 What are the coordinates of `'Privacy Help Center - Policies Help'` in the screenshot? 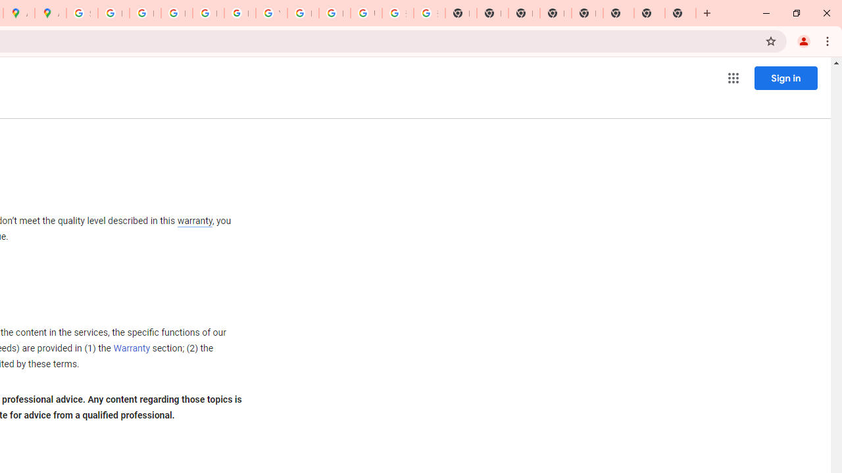 It's located at (176, 13).